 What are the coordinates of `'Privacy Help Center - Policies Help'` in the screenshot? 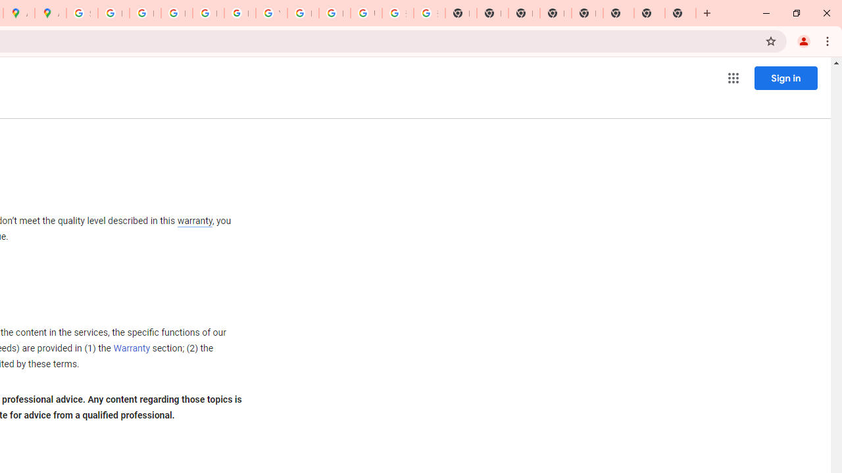 It's located at (176, 13).